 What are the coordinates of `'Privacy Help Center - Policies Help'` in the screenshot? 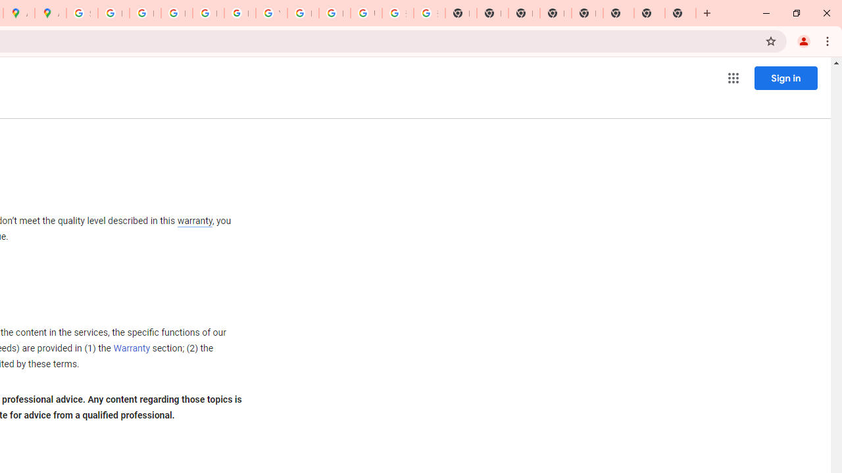 It's located at (176, 13).